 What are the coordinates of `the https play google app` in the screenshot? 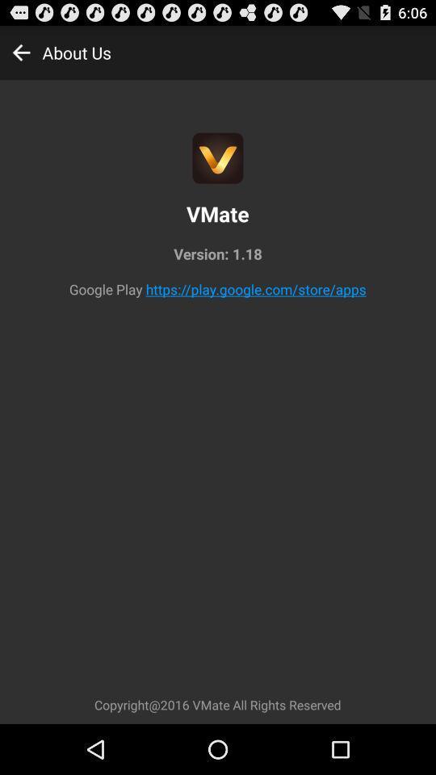 It's located at (256, 289).